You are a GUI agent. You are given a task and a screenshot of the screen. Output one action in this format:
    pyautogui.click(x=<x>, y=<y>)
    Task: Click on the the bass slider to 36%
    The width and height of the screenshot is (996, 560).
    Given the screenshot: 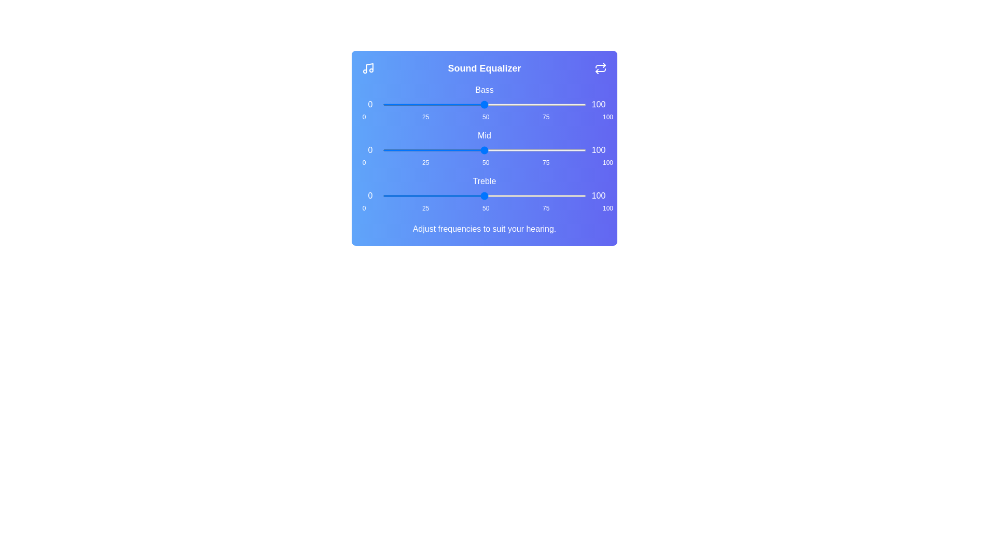 What is the action you would take?
    pyautogui.click(x=456, y=104)
    